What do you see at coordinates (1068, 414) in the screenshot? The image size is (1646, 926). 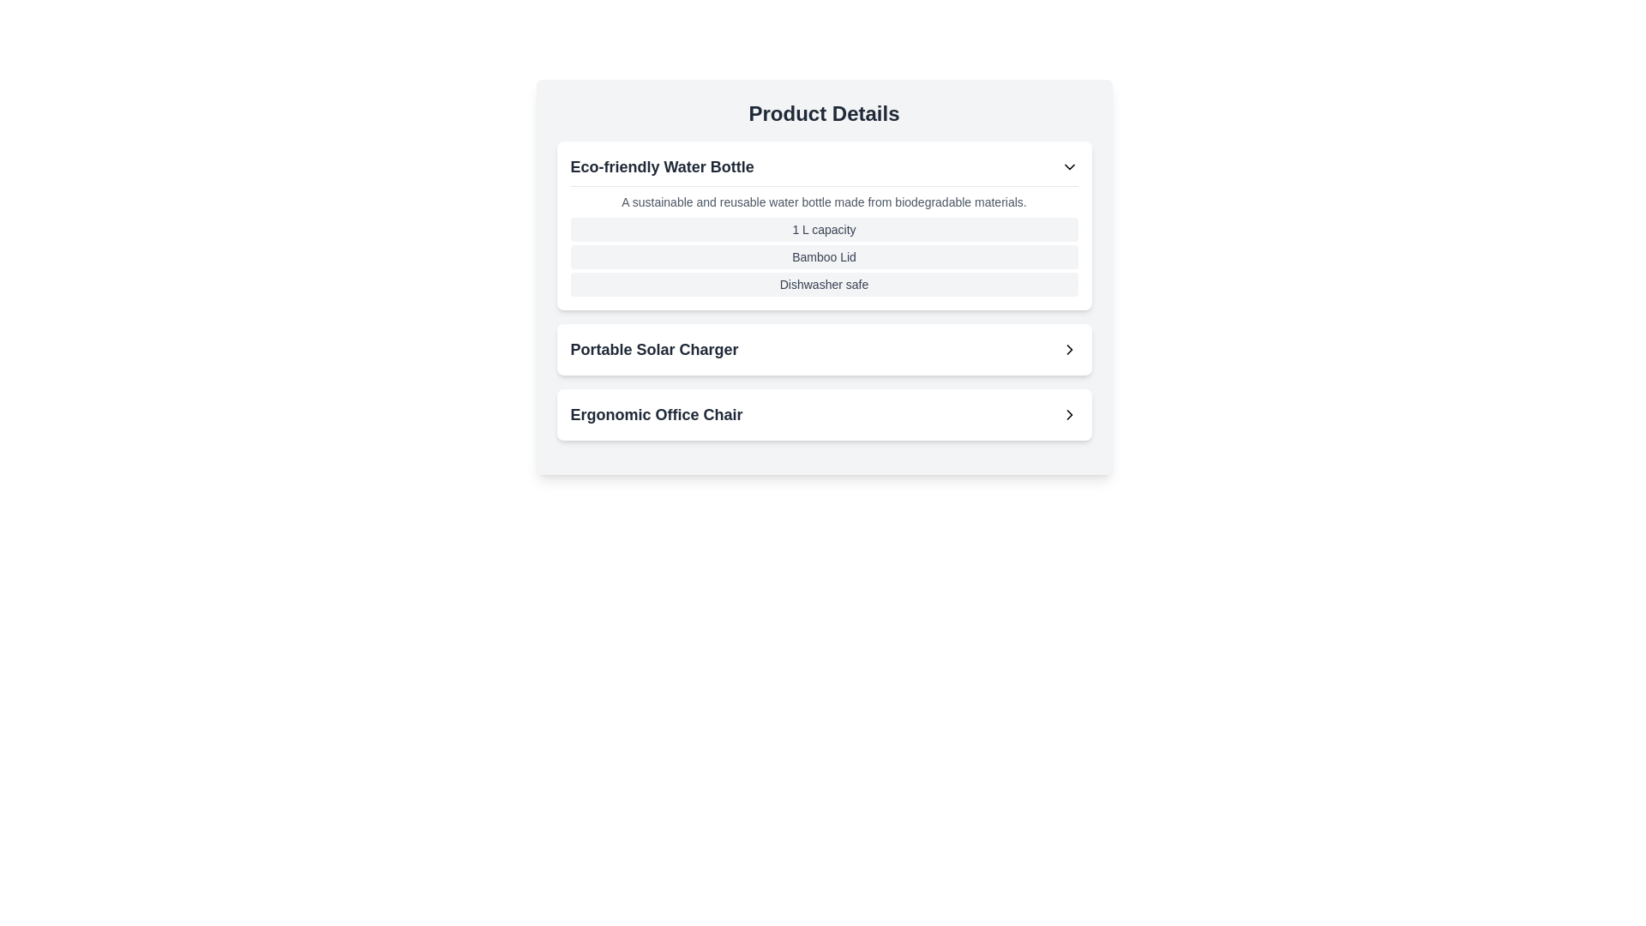 I see `the rightward-pointing chevron arrow icon within the SVG graphic located in the right section of the 'Ergonomic Office Chair' product row` at bounding box center [1068, 414].